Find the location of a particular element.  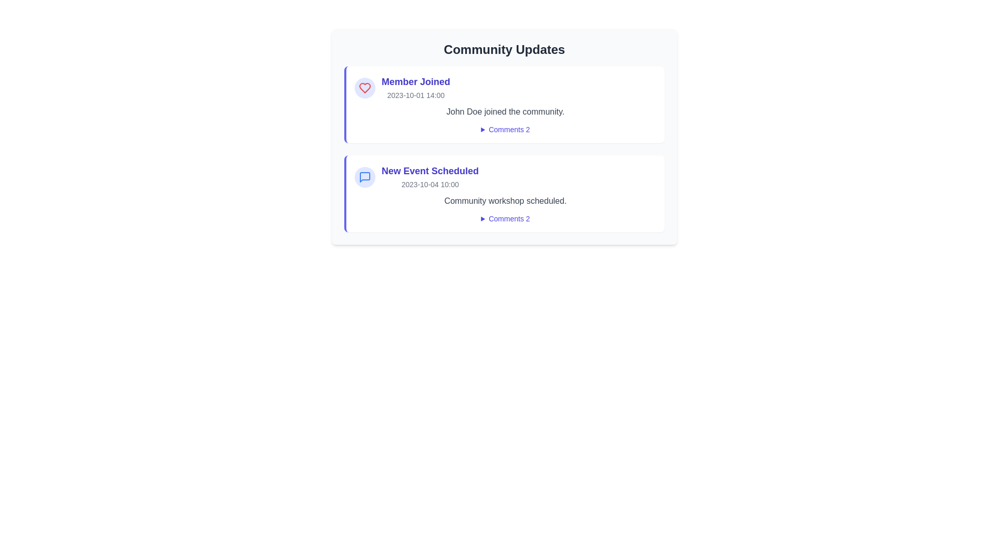

the Label displaying the timestamp that is positioned directly below the title 'New Event Scheduled' in the second card under 'Community Updates' is located at coordinates (430, 184).